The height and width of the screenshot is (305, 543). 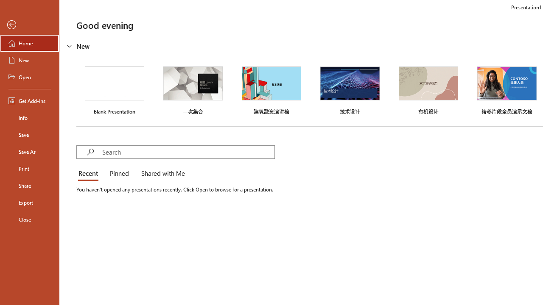 What do you see at coordinates (29, 100) in the screenshot?
I see `'Get Add-ins'` at bounding box center [29, 100].